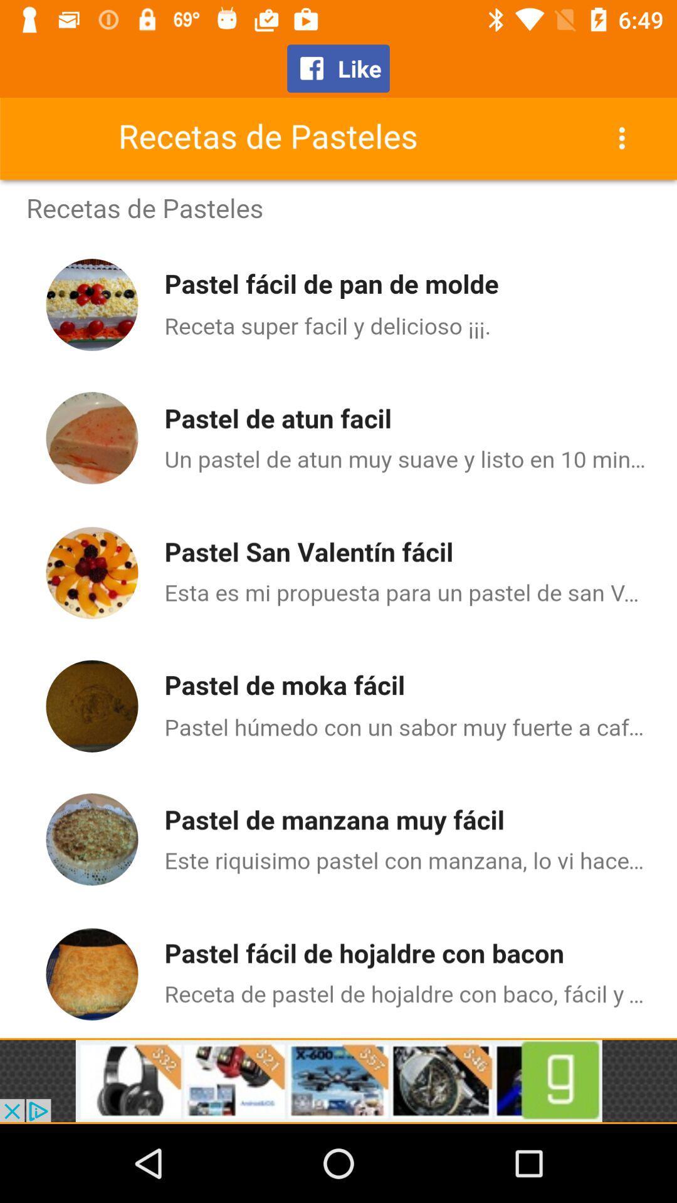  Describe the element at coordinates (338, 1080) in the screenshot. I see `click advert` at that location.